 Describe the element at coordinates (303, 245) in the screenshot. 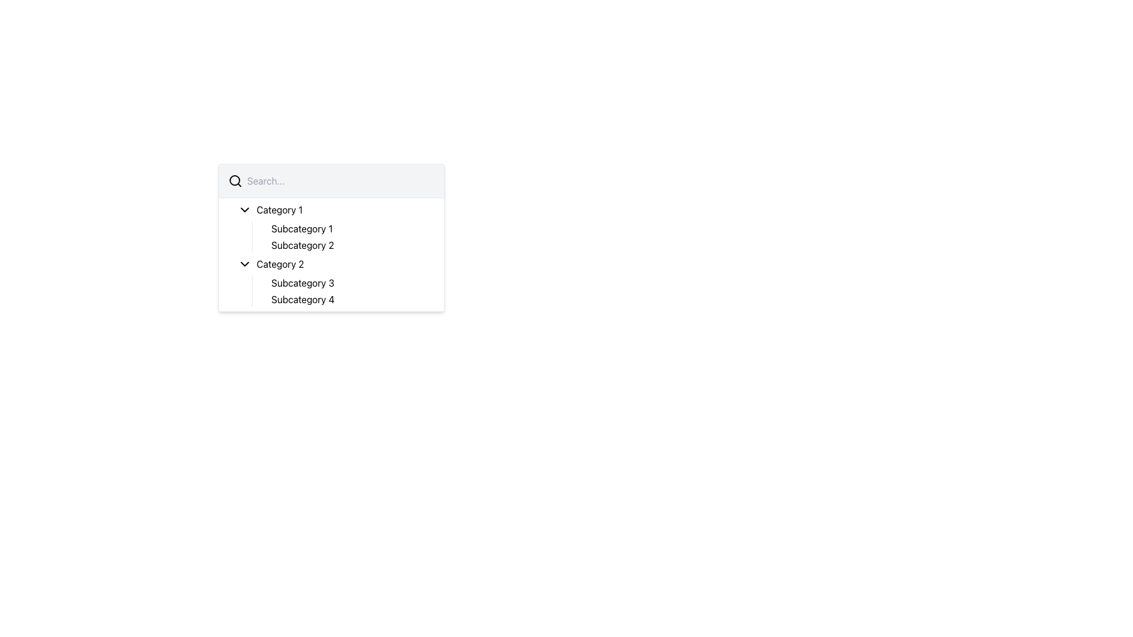

I see `the 'Subcategory 2' text label, which serves as an identifier within the 'Category 1' section of the interface` at that location.